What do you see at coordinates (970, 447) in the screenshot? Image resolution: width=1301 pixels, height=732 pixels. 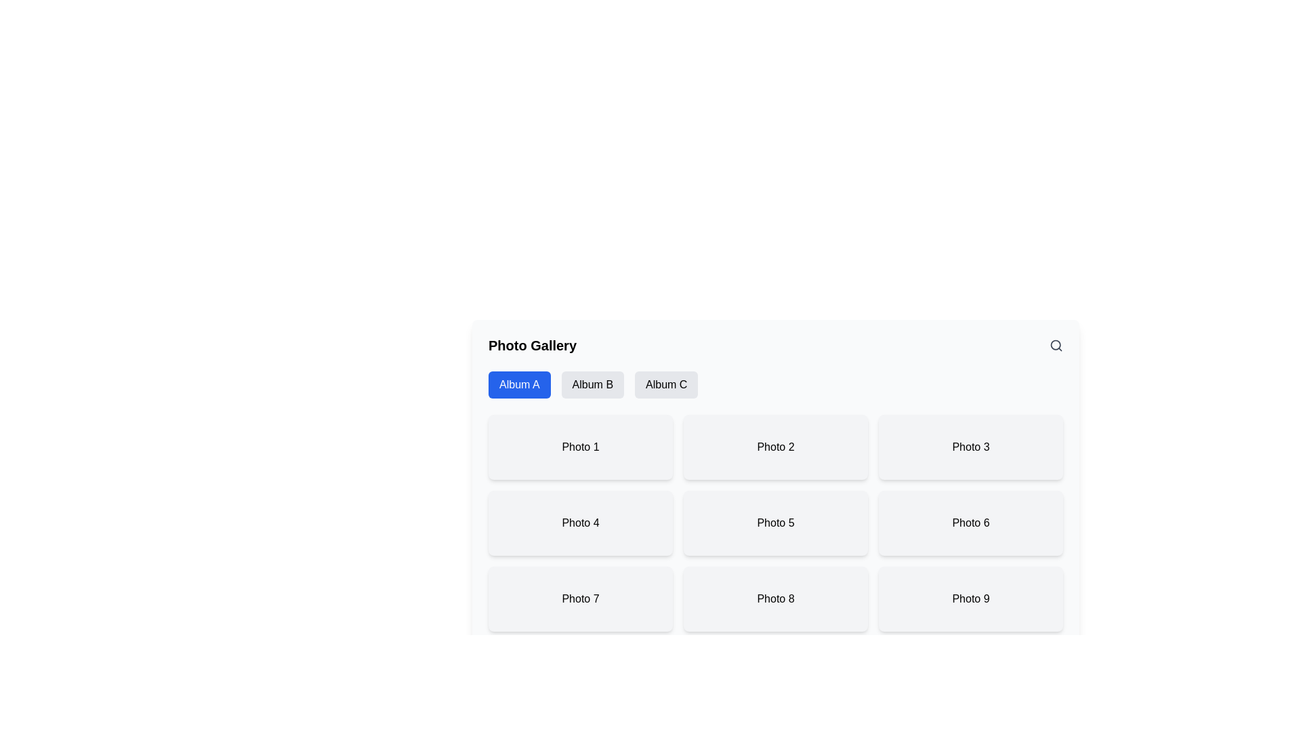 I see `the static content card labeled 'Photo 3', which is a rectangular card with a light gray background and black text, positioned as the third item in the first row of a grid layout` at bounding box center [970, 447].